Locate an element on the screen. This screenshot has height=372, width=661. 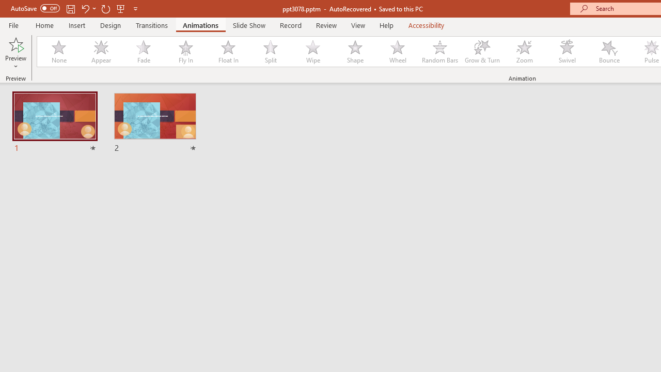
'Grow & Turn' is located at coordinates (482, 52).